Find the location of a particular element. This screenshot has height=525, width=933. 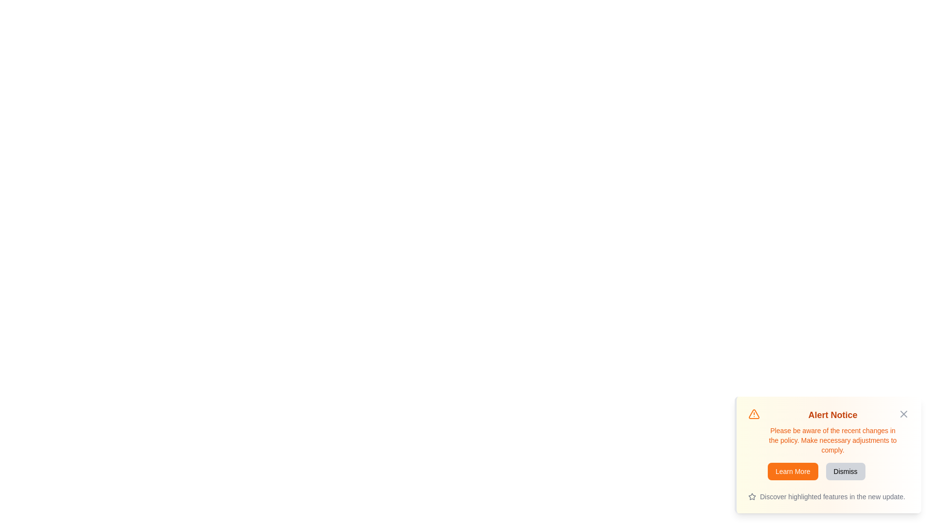

'Learn More' button to get more information is located at coordinates (793, 471).